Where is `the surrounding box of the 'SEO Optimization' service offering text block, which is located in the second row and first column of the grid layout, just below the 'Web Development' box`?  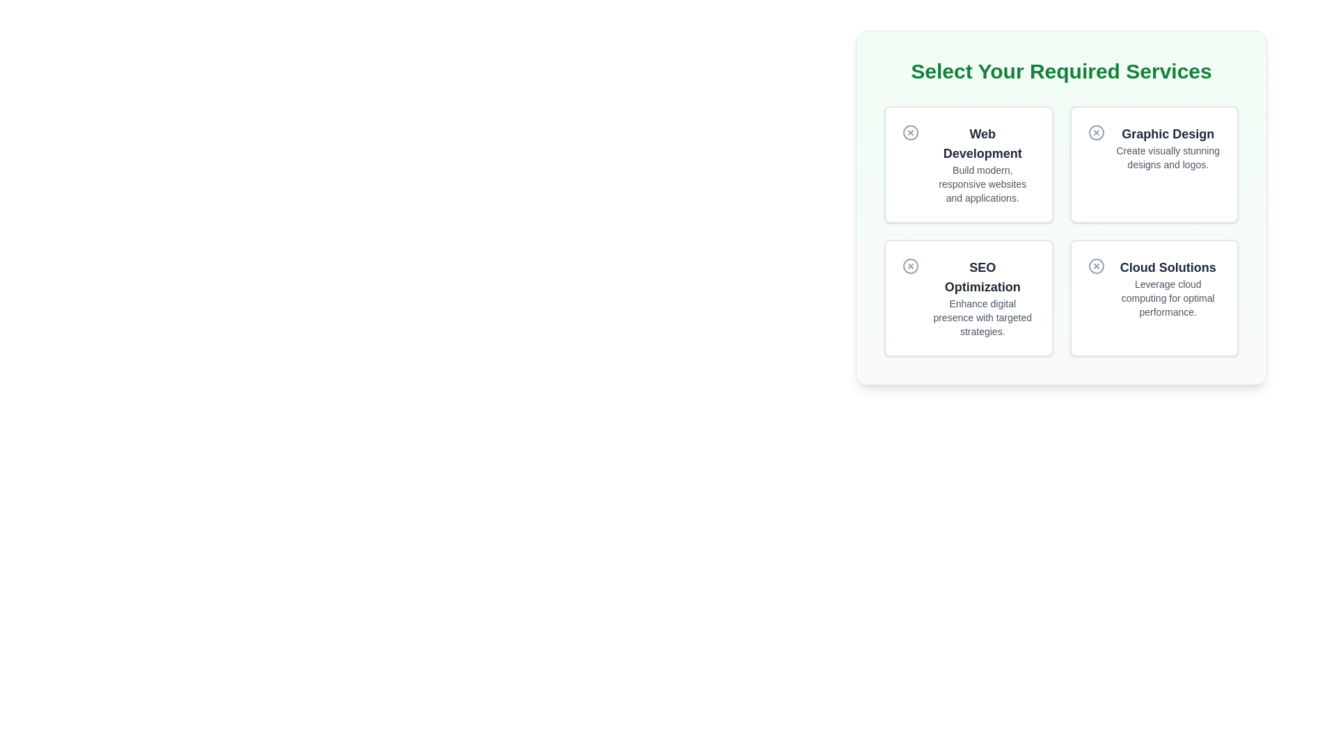 the surrounding box of the 'SEO Optimization' service offering text block, which is located in the second row and first column of the grid layout, just below the 'Web Development' box is located at coordinates (982, 297).